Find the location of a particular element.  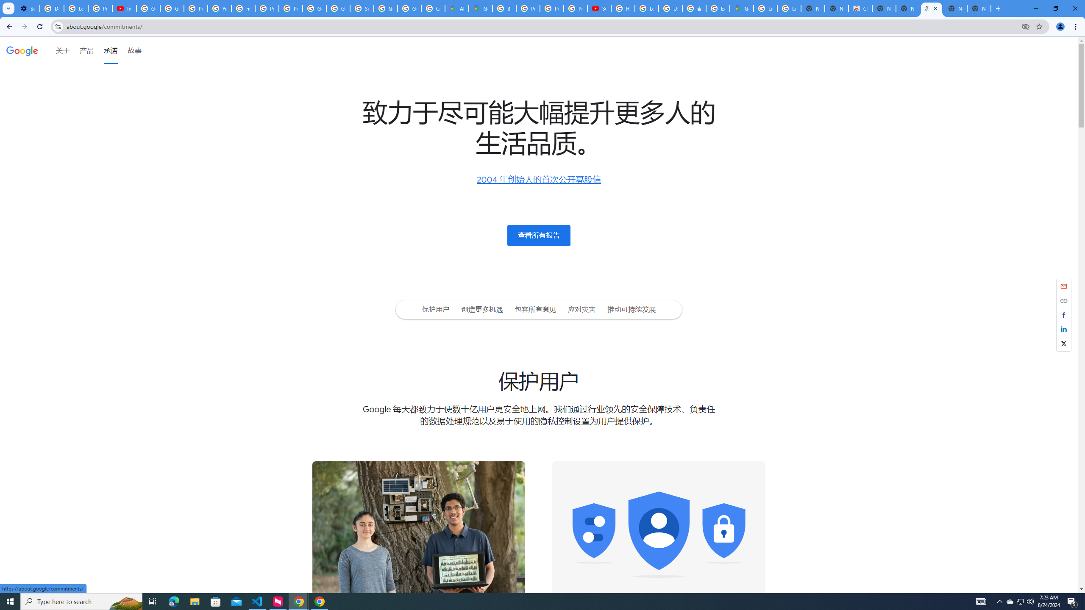

'https://scholar.google.com/' is located at coordinates (243, 8).